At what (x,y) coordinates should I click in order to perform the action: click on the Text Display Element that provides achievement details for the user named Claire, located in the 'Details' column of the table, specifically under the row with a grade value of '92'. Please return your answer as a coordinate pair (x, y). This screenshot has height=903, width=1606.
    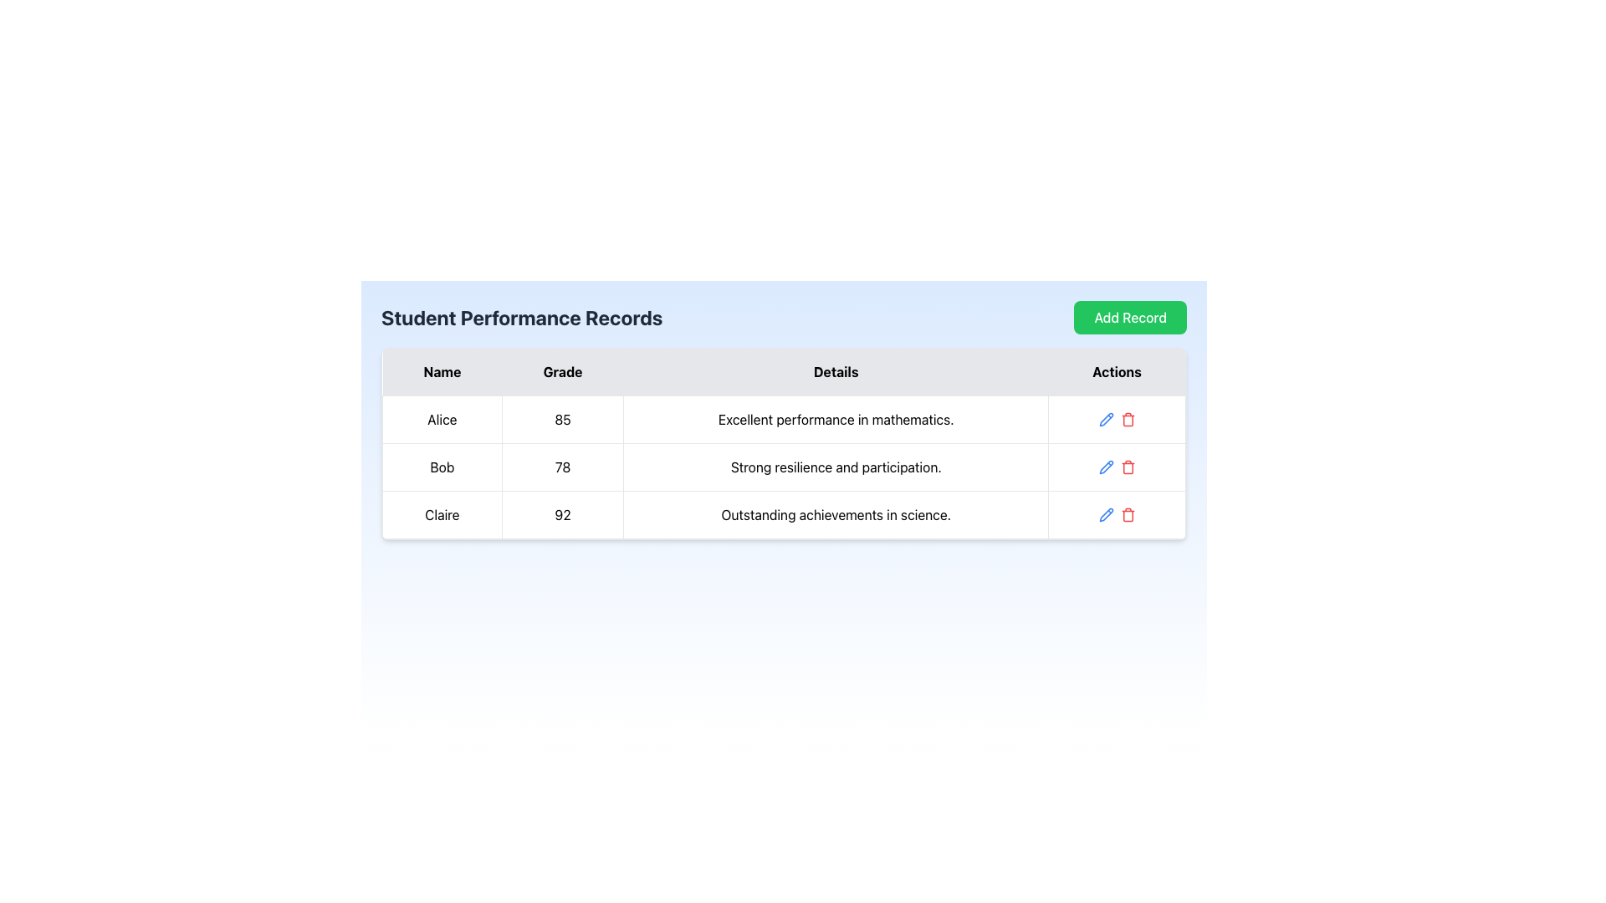
    Looking at the image, I should click on (836, 514).